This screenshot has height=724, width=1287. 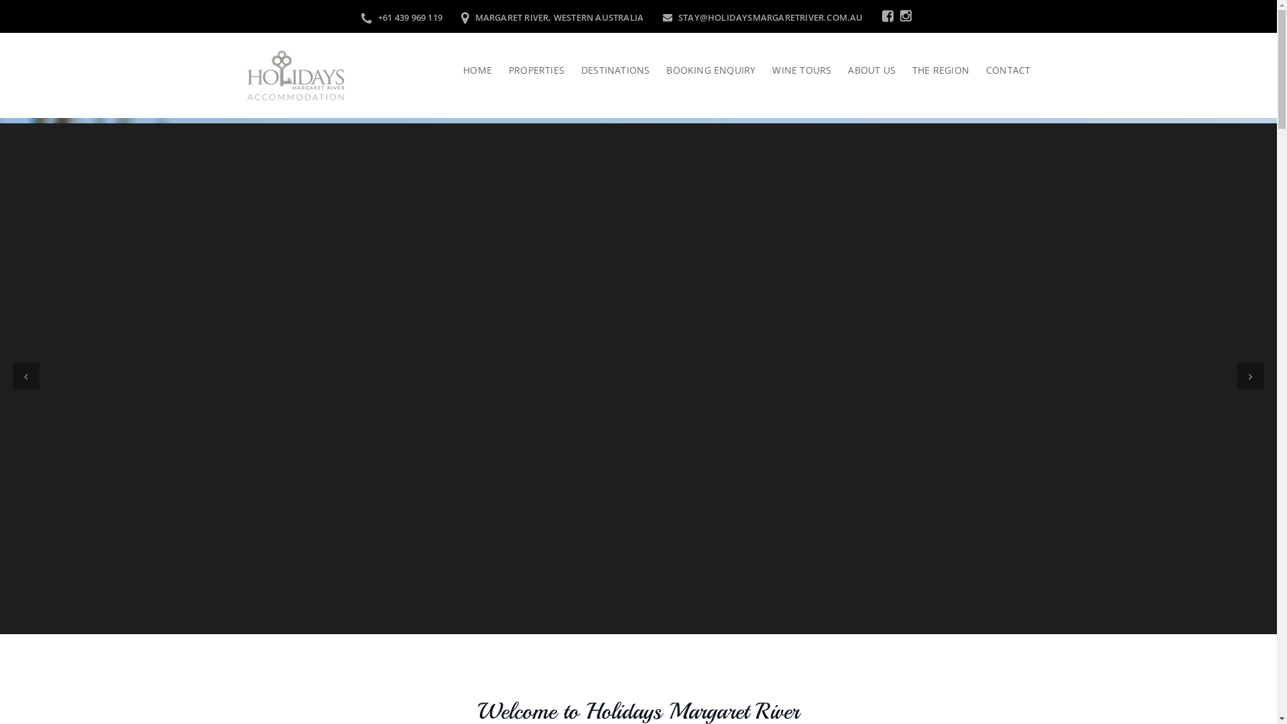 What do you see at coordinates (830, 70) in the screenshot?
I see `'ABOUT US'` at bounding box center [830, 70].